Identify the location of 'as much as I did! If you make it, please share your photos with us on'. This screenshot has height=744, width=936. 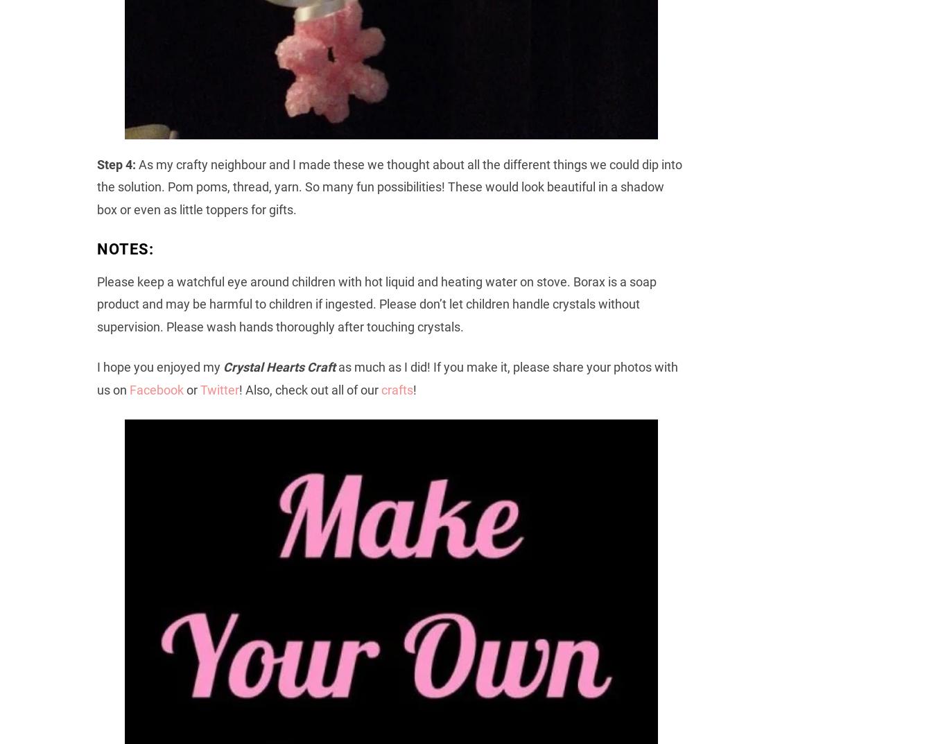
(387, 378).